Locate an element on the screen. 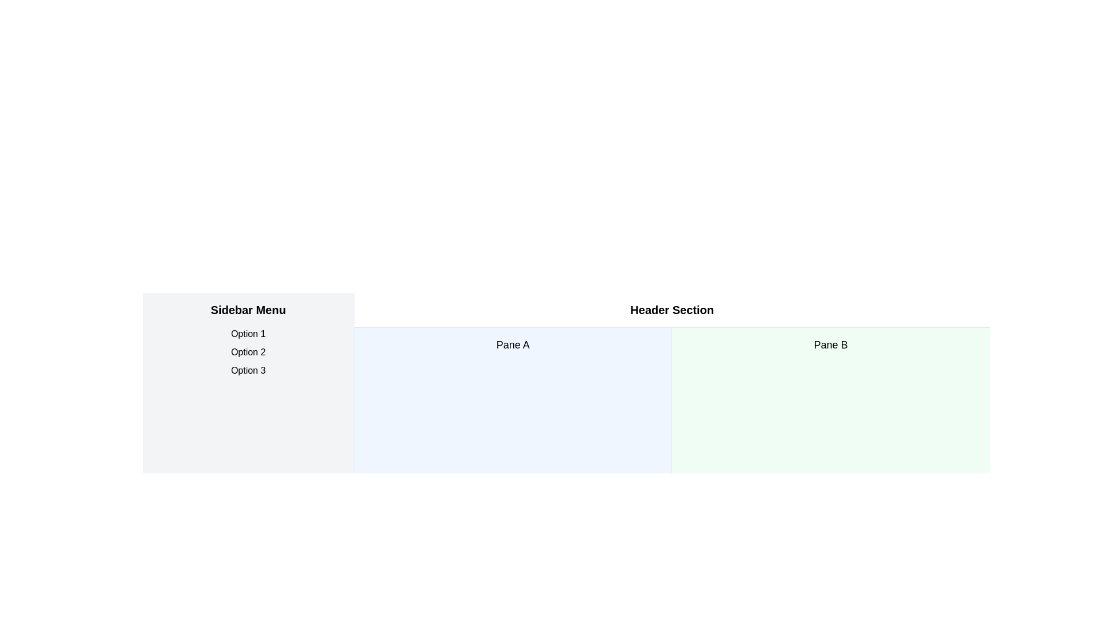 The image size is (1101, 619). the 'Sidebar Menu' label, which is a bold, extra-large font text displayed prominently at the top of the sidebar section is located at coordinates (248, 309).